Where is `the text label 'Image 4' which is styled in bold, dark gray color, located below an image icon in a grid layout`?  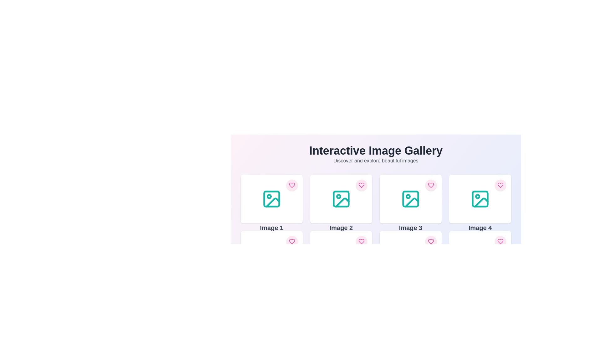
the text label 'Image 4' which is styled in bold, dark gray color, located below an image icon in a grid layout is located at coordinates (480, 228).